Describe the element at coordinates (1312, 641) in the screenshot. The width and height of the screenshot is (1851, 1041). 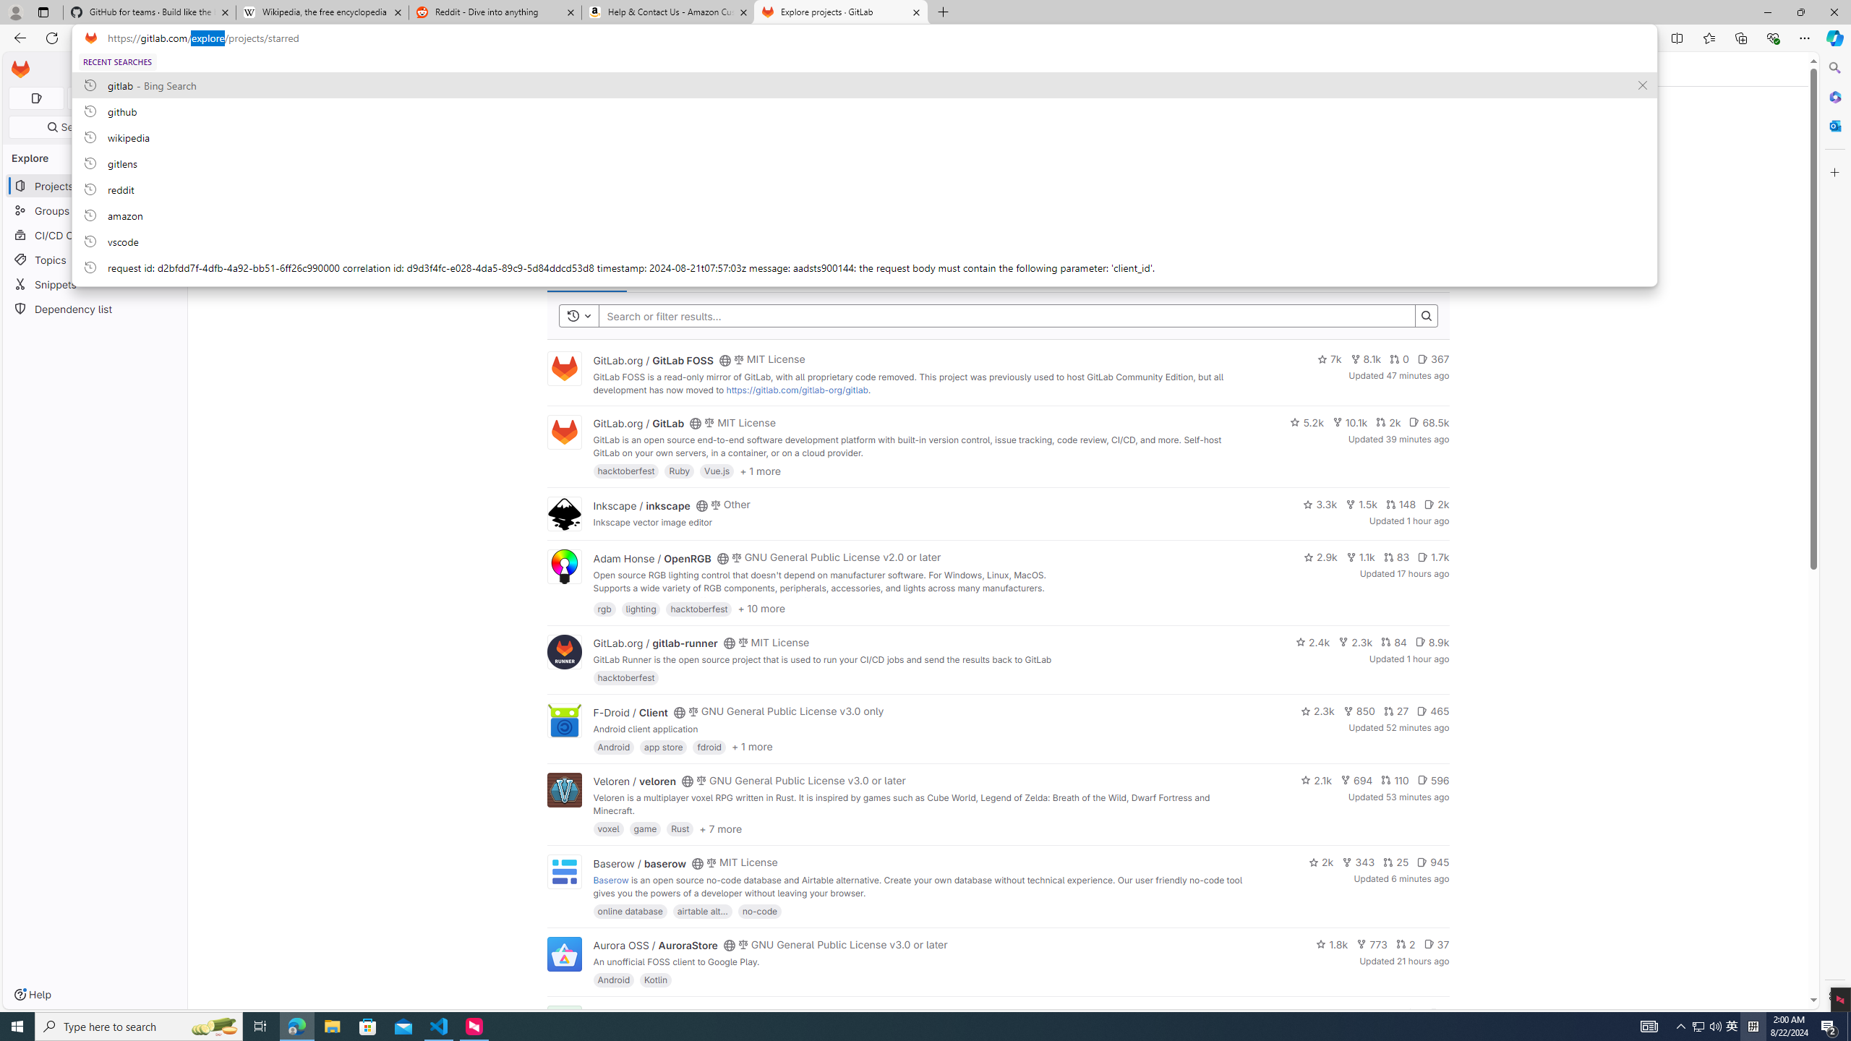
I see `'2.4k'` at that location.